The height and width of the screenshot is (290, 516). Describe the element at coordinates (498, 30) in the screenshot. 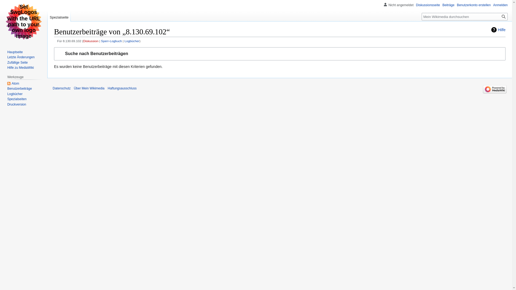

I see `'Hilfe'` at that location.